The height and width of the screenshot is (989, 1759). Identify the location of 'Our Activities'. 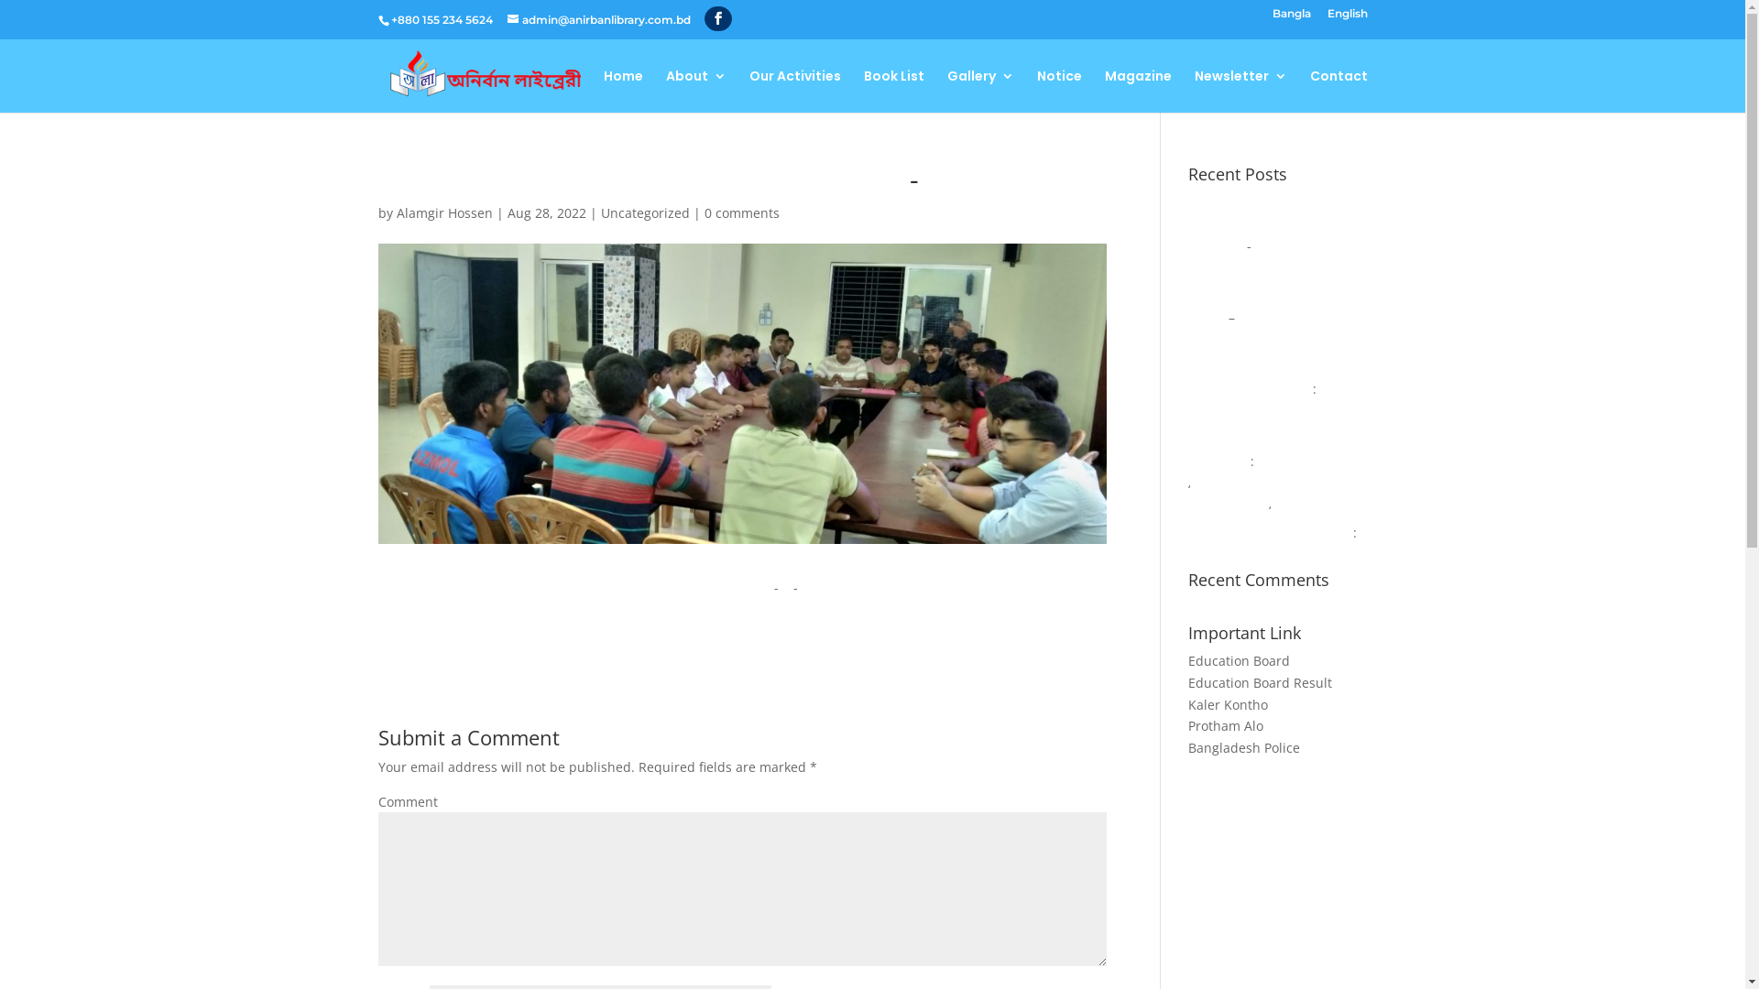
(795, 91).